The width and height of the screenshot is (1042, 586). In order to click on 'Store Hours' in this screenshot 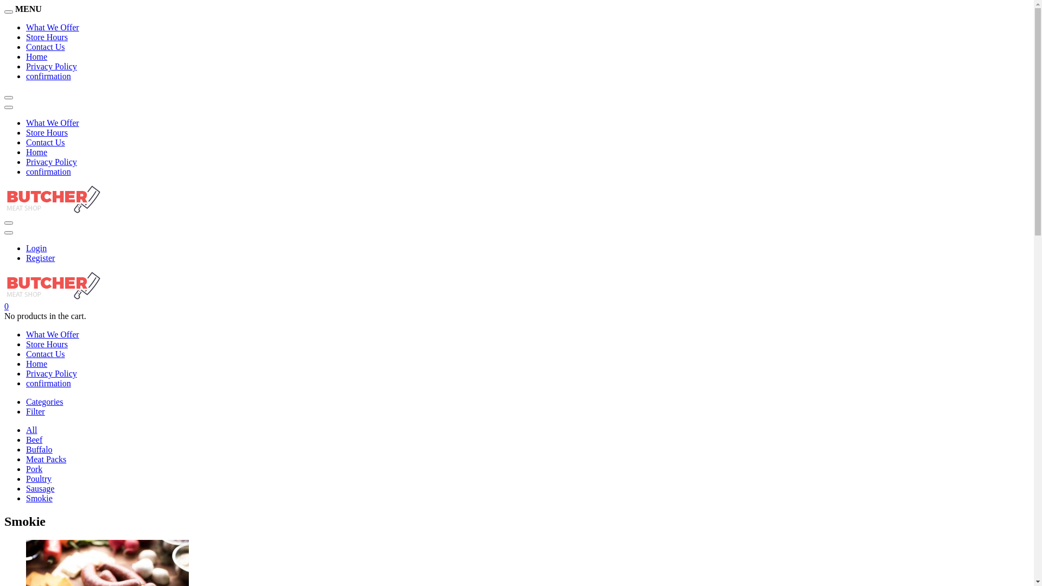, I will do `click(26, 132)`.